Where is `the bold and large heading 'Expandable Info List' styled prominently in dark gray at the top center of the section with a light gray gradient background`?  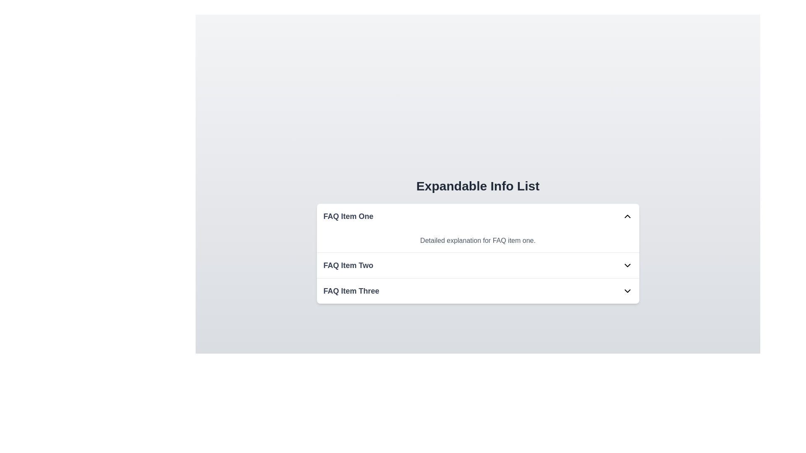 the bold and large heading 'Expandable Info List' styled prominently in dark gray at the top center of the section with a light gray gradient background is located at coordinates (478, 185).